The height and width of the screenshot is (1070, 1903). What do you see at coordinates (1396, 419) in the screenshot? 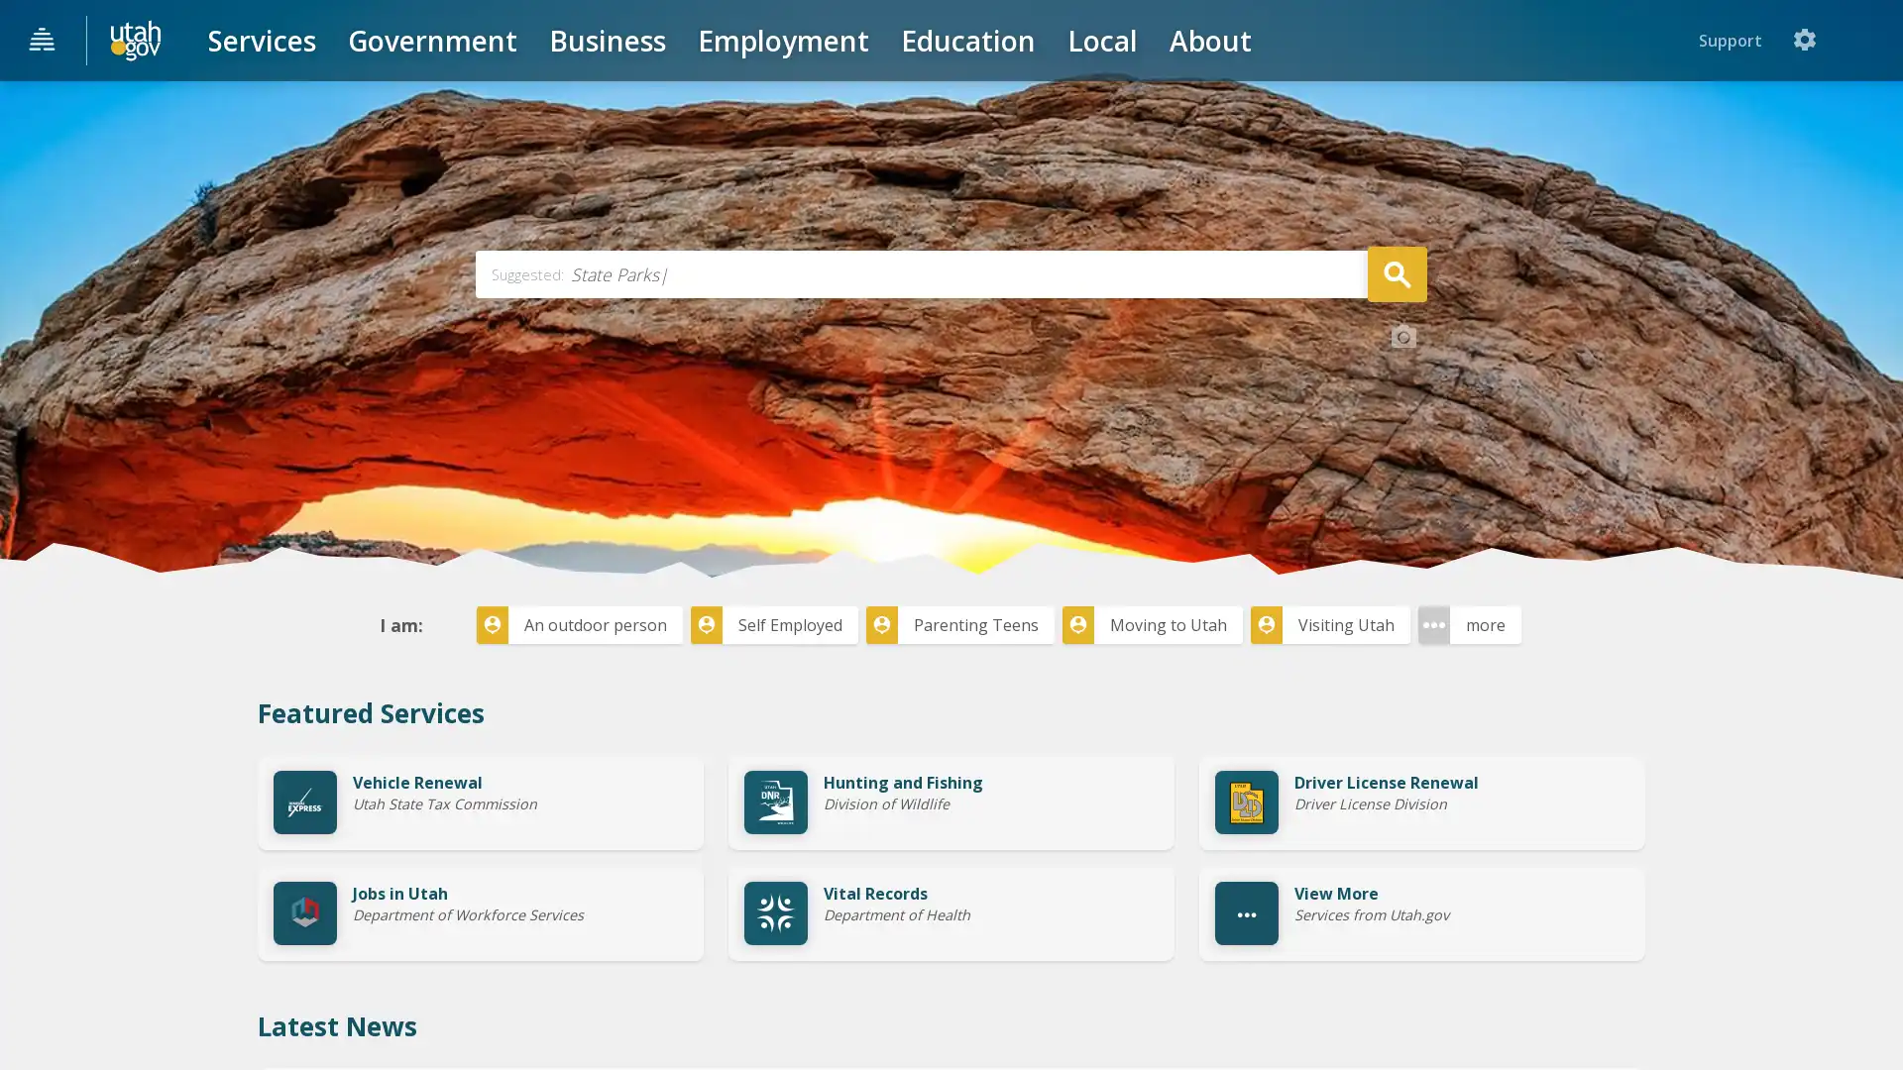
I see `Search` at bounding box center [1396, 419].